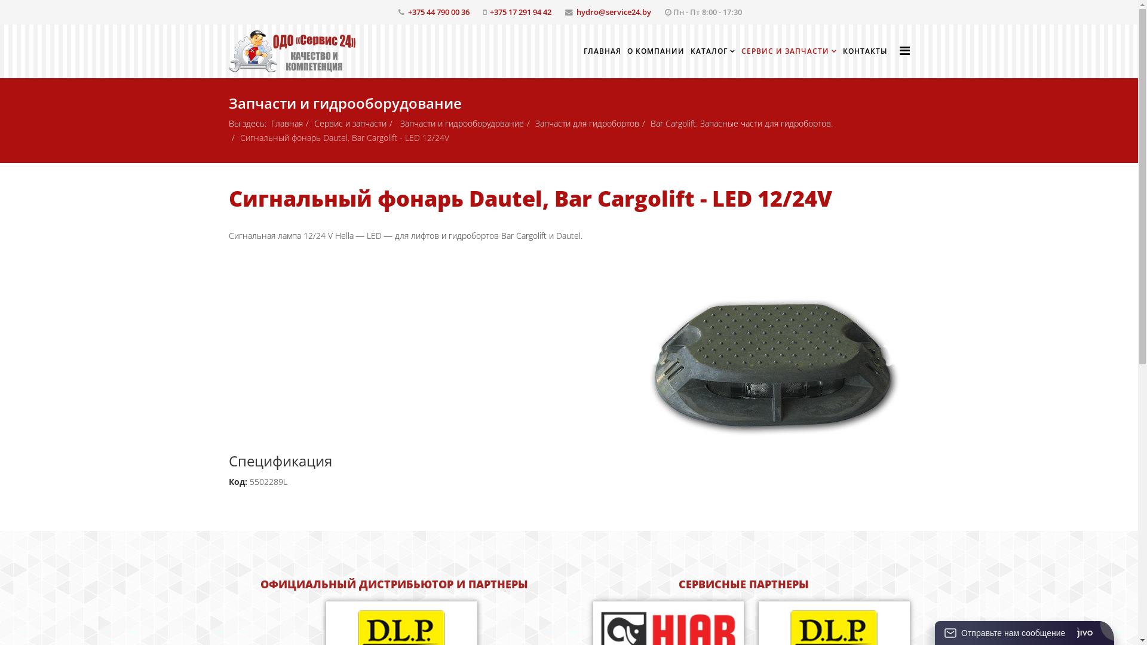 Image resolution: width=1147 pixels, height=645 pixels. Describe the element at coordinates (613, 12) in the screenshot. I see `'hydro@service24.by'` at that location.